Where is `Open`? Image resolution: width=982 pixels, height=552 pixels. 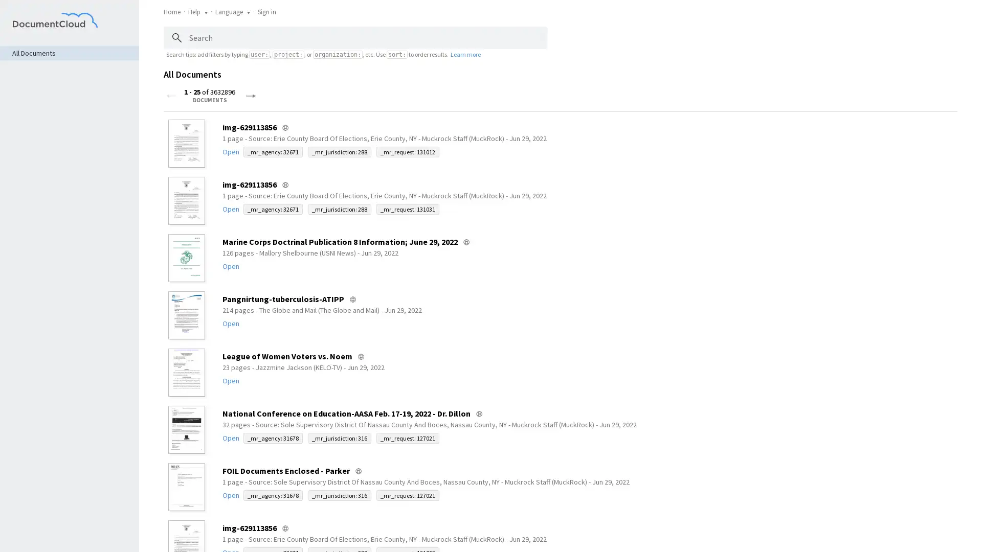 Open is located at coordinates (230, 152).